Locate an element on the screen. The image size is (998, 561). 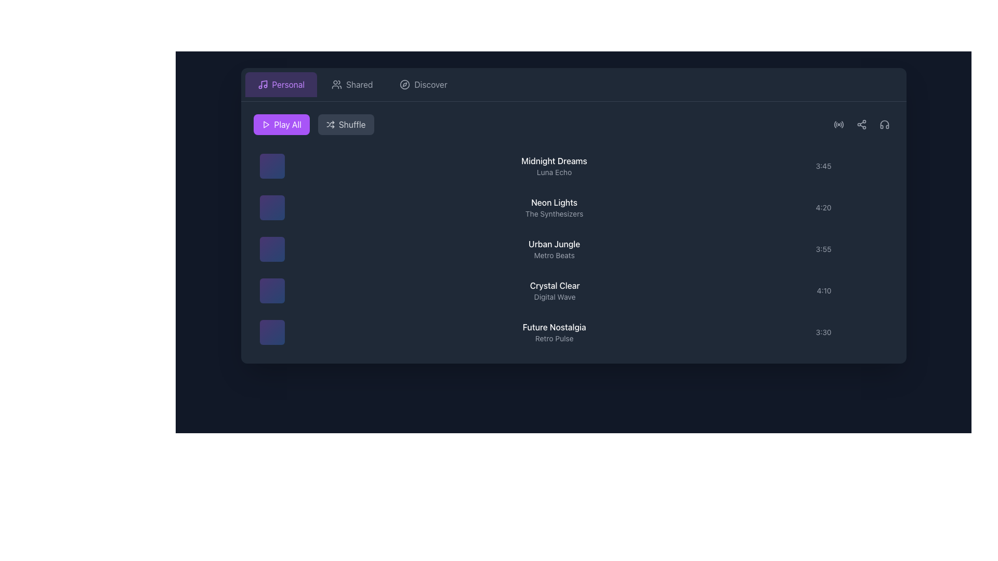
the add or expand button located to the right of the '4:20' timestamp is located at coordinates (863, 208).